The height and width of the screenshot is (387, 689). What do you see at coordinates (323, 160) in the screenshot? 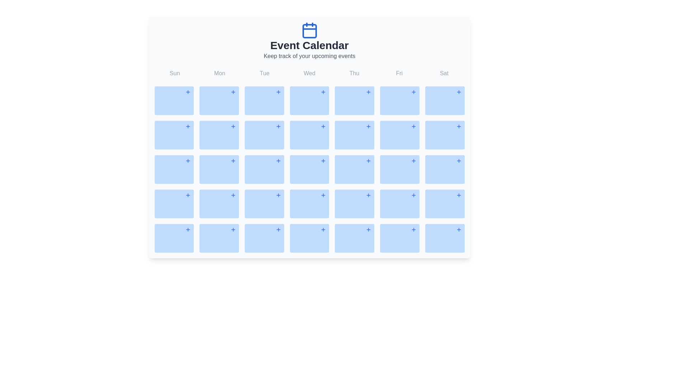
I see `the add event button located in the center of the day cell in the fourth row and fourth column of the calendar` at bounding box center [323, 160].